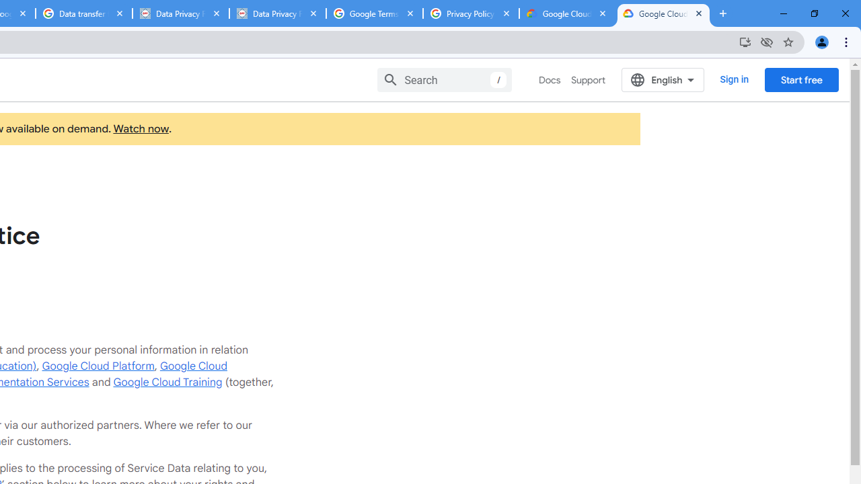 The image size is (861, 484). I want to click on 'English', so click(663, 79).